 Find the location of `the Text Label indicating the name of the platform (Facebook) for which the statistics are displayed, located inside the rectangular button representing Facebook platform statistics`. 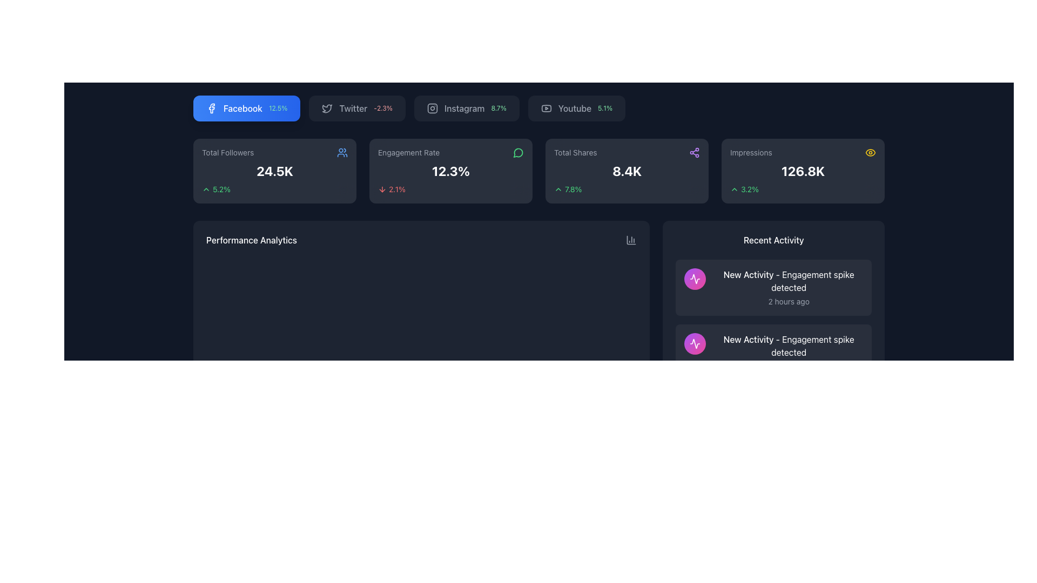

the Text Label indicating the name of the platform (Facebook) for which the statistics are displayed, located inside the rectangular button representing Facebook platform statistics is located at coordinates (243, 108).